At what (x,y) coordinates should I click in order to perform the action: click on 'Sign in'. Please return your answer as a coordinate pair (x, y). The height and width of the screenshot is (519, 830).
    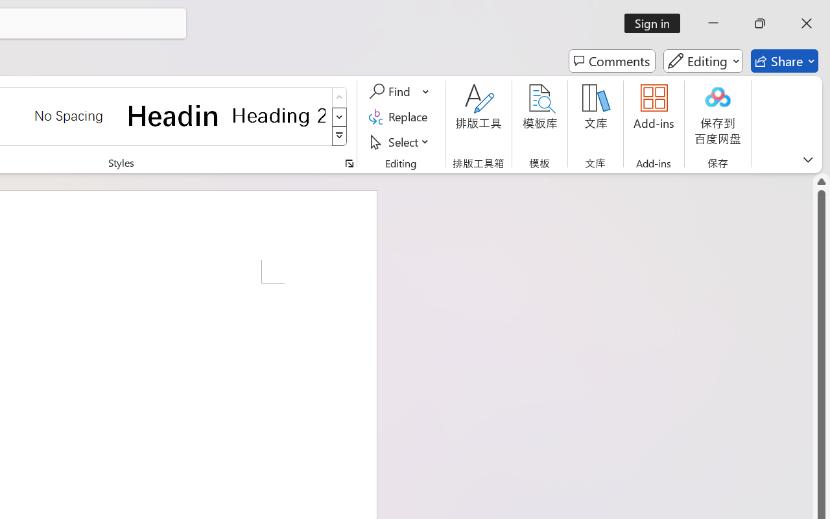
    Looking at the image, I should click on (657, 23).